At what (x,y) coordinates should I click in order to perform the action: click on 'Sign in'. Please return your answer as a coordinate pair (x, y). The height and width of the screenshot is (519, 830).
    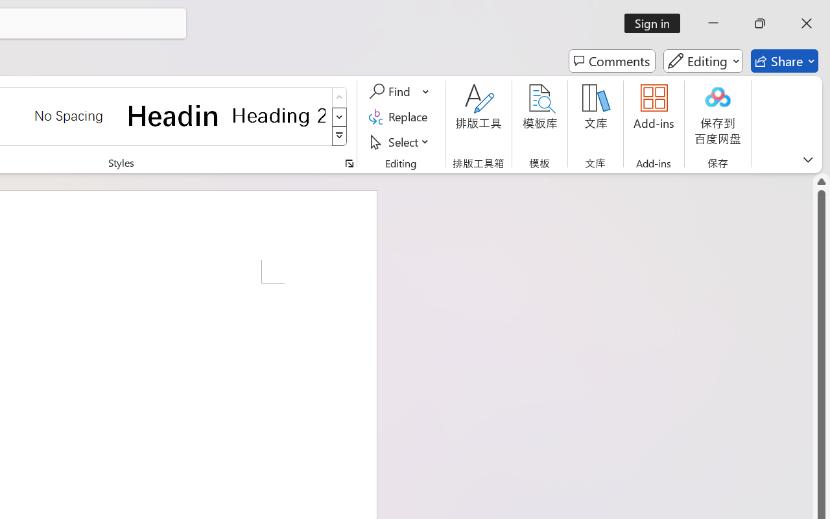
    Looking at the image, I should click on (657, 23).